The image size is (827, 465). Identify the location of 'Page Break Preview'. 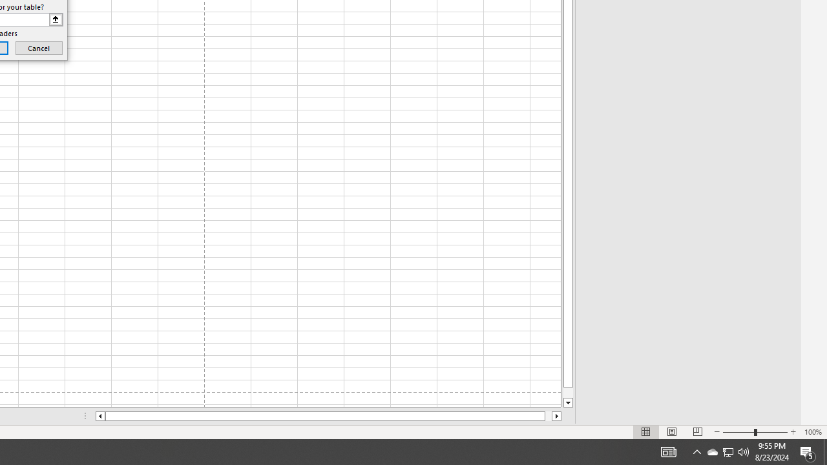
(696, 432).